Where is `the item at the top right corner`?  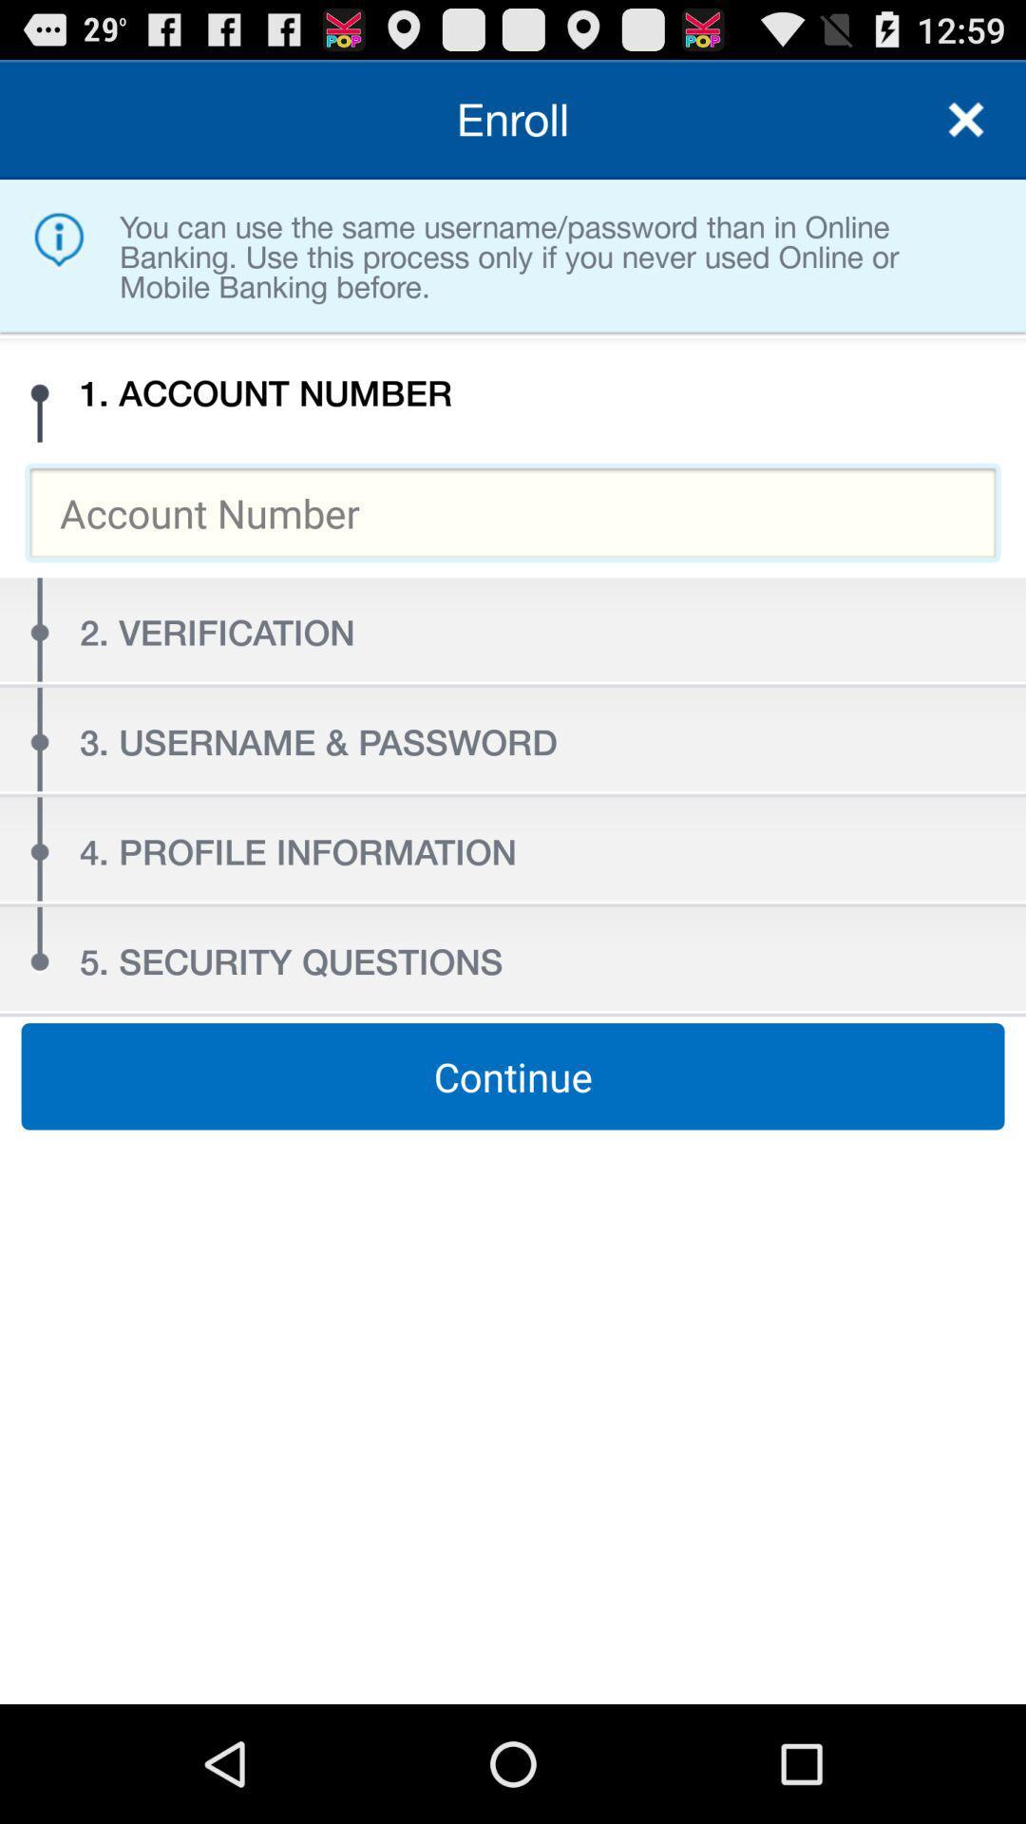
the item at the top right corner is located at coordinates (966, 118).